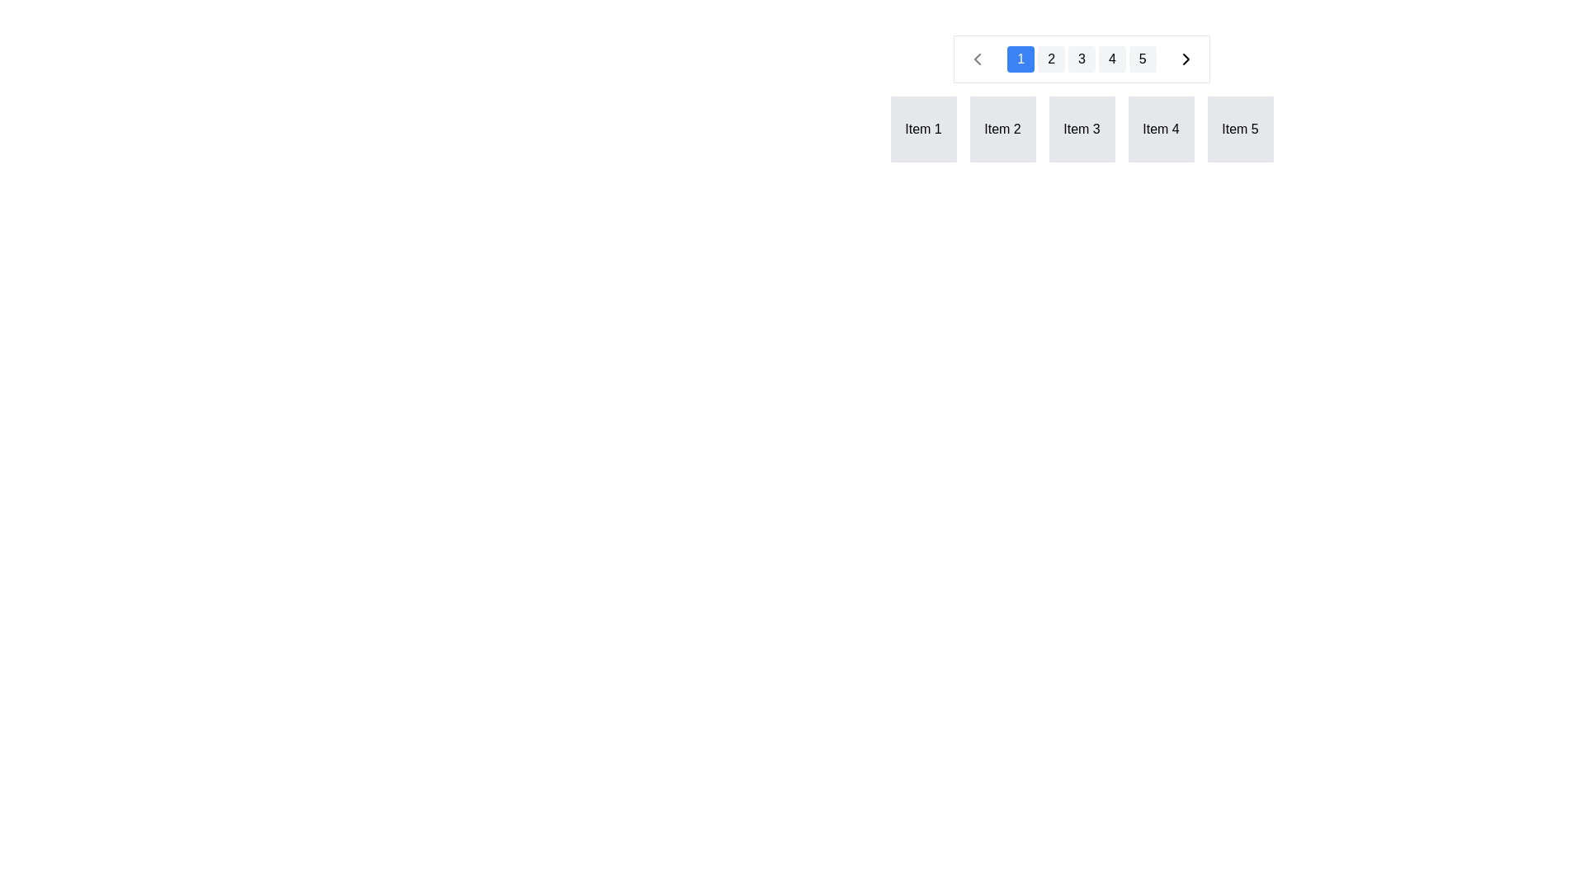 This screenshot has width=1584, height=891. I want to click on the fifth button in the navigation bar, which has rounded corners, a light gray background, and the text '5' centered in bold black font, so click(1142, 59).